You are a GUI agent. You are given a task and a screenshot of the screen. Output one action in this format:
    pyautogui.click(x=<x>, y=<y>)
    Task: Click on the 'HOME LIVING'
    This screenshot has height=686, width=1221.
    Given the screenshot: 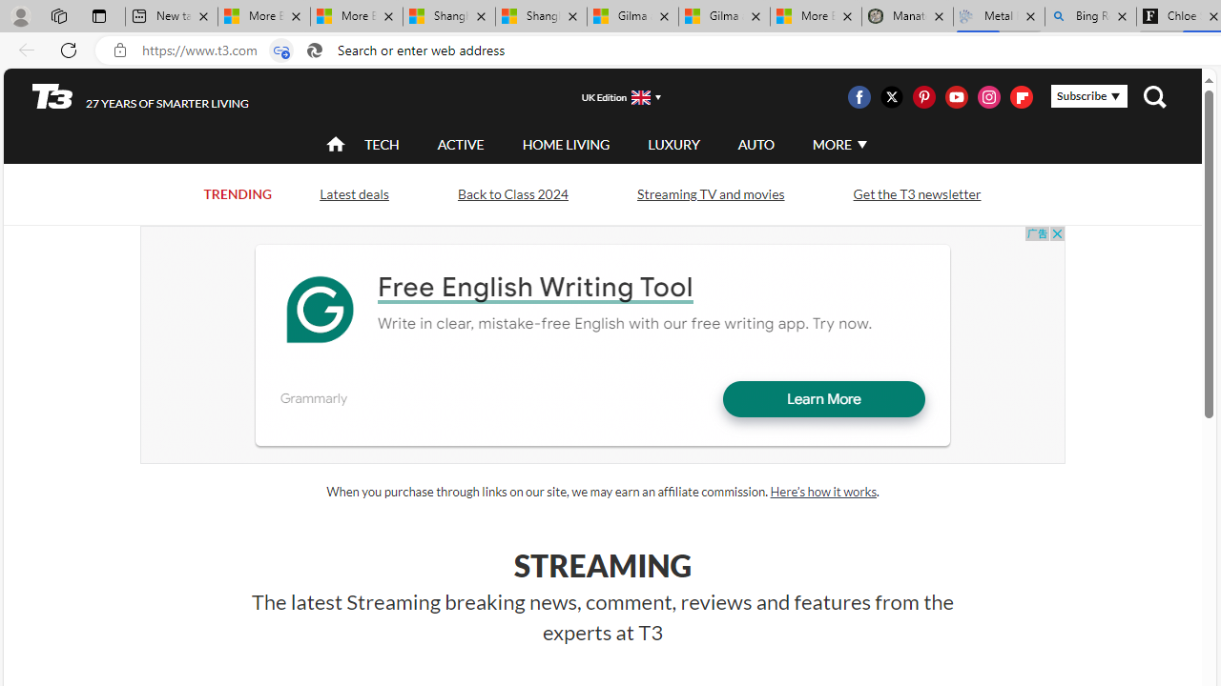 What is the action you would take?
    pyautogui.click(x=565, y=143)
    